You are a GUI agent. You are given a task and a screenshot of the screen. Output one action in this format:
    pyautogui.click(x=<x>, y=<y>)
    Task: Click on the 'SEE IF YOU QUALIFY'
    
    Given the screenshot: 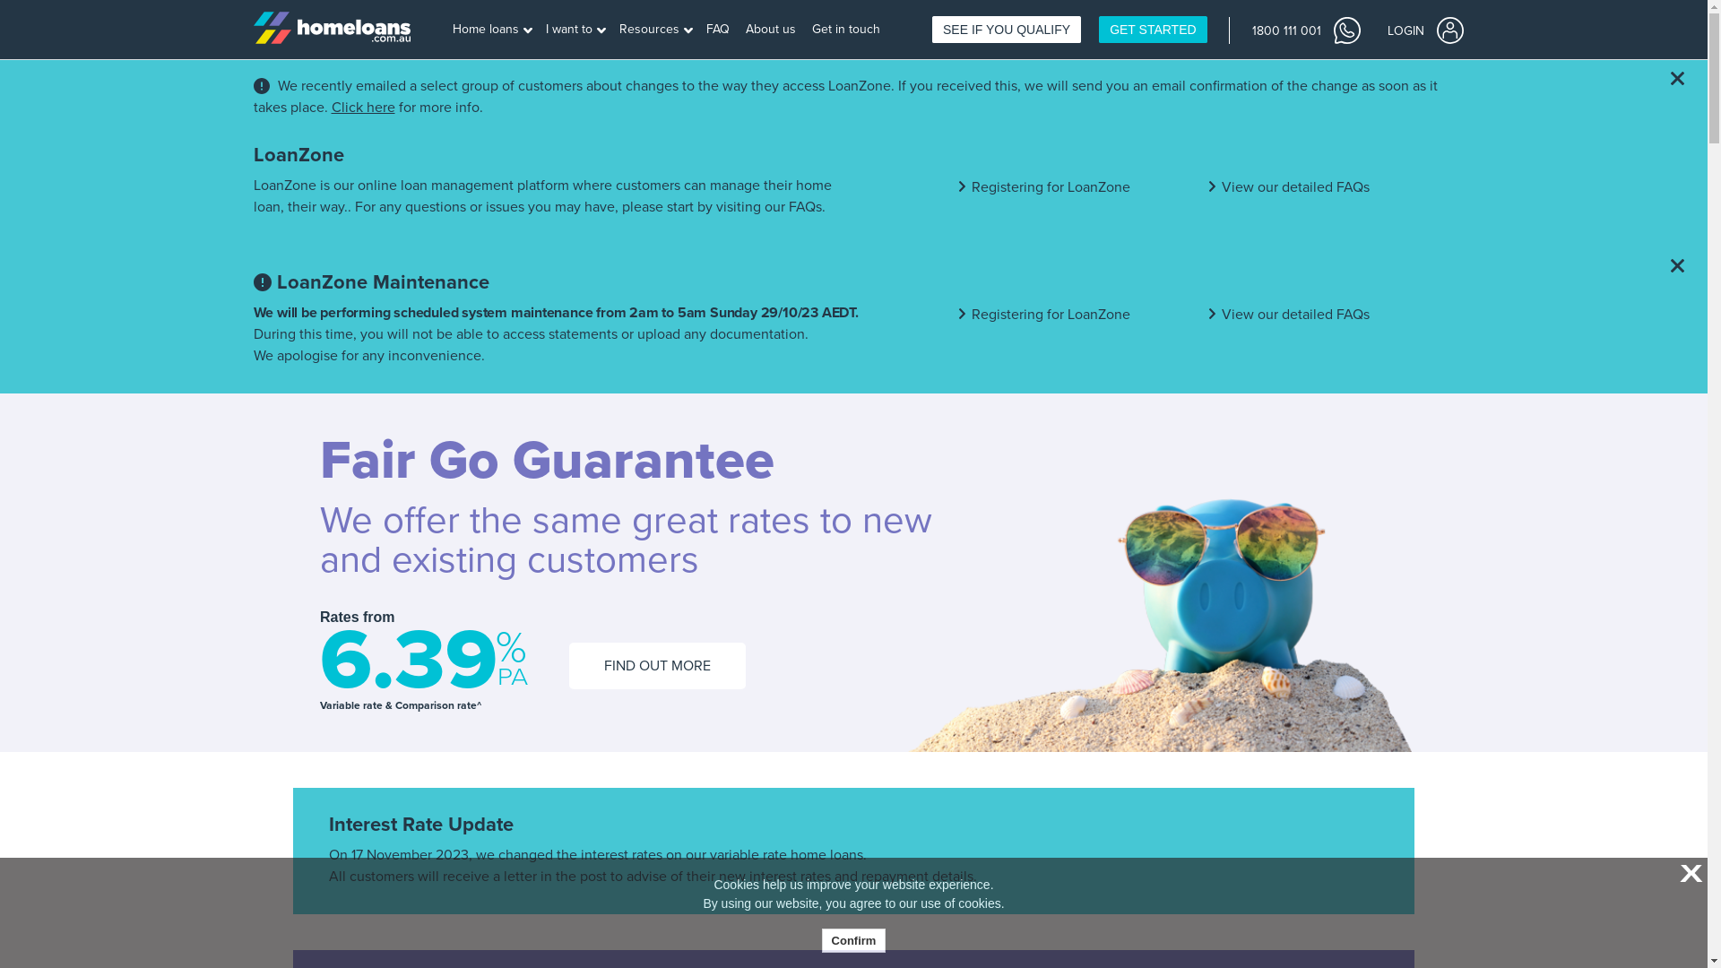 What is the action you would take?
    pyautogui.click(x=932, y=30)
    